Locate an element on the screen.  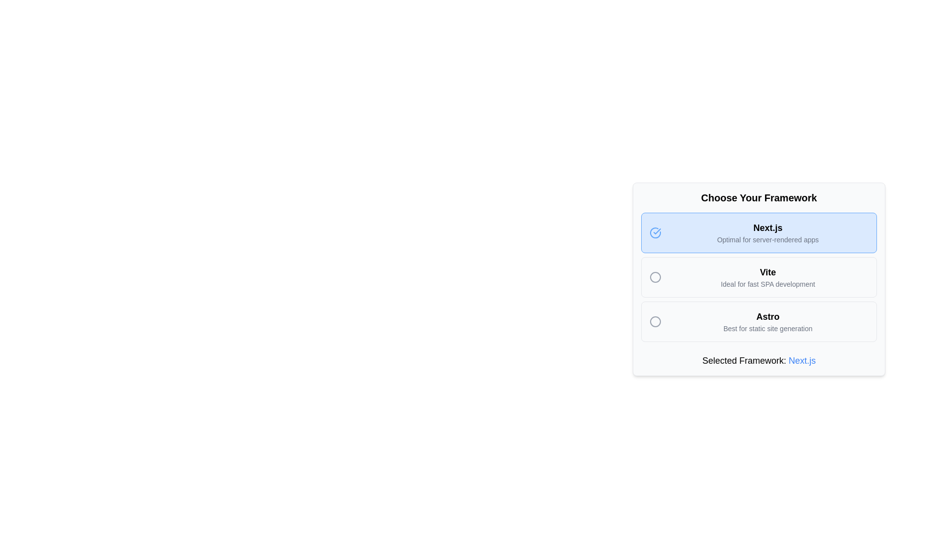
text displayed in the Text Display element that states 'Selected Framework: Next.js', which is styled in bold with 'Next.js' in blue is located at coordinates (759, 361).